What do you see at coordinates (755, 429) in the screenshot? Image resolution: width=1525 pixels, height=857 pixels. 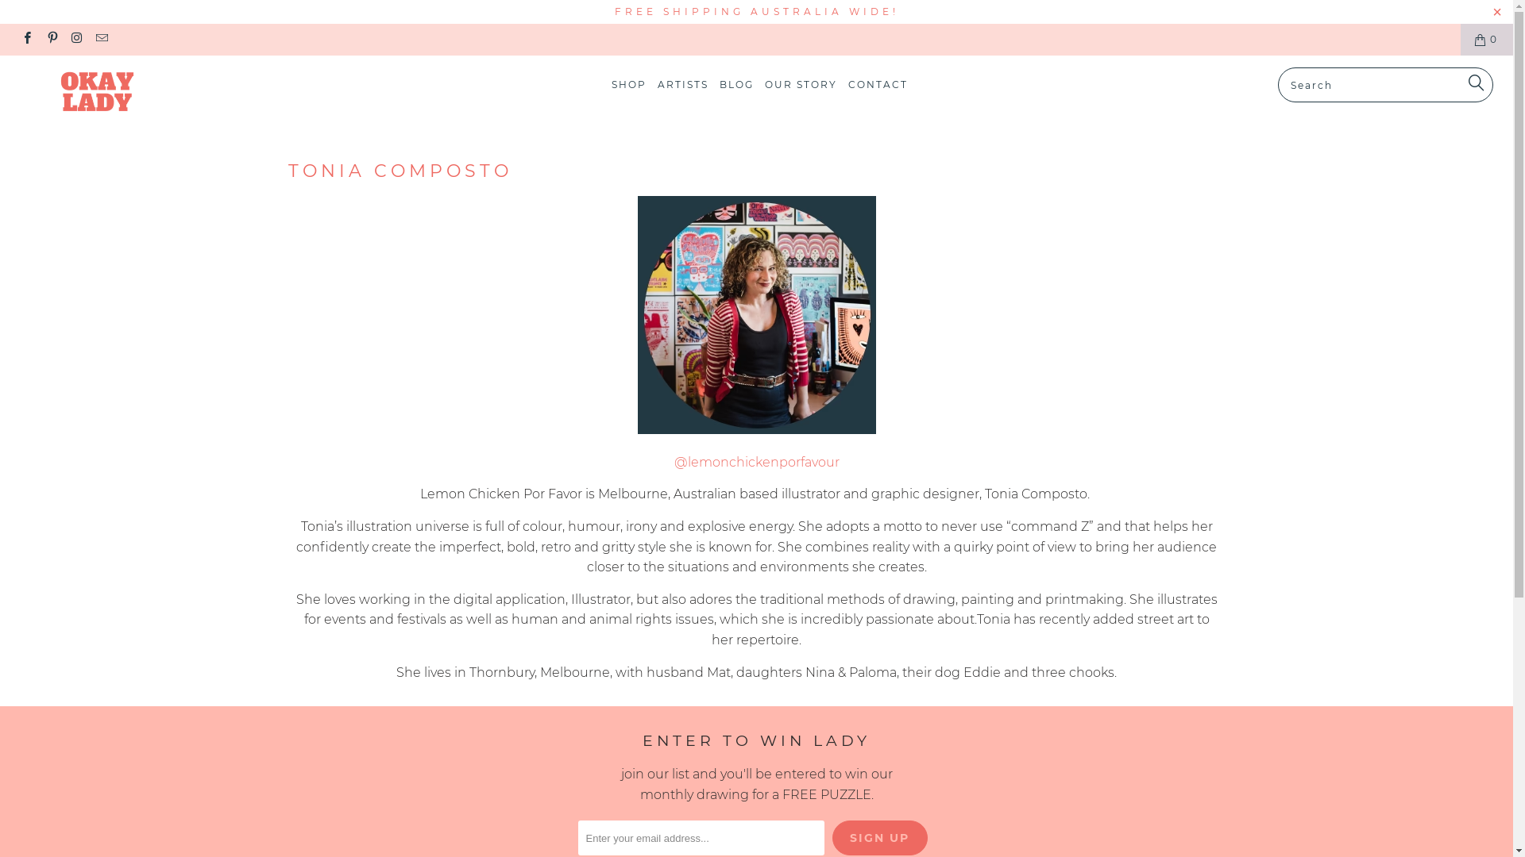 I see `'Tonia_Conposto_Instagram'` at bounding box center [755, 429].